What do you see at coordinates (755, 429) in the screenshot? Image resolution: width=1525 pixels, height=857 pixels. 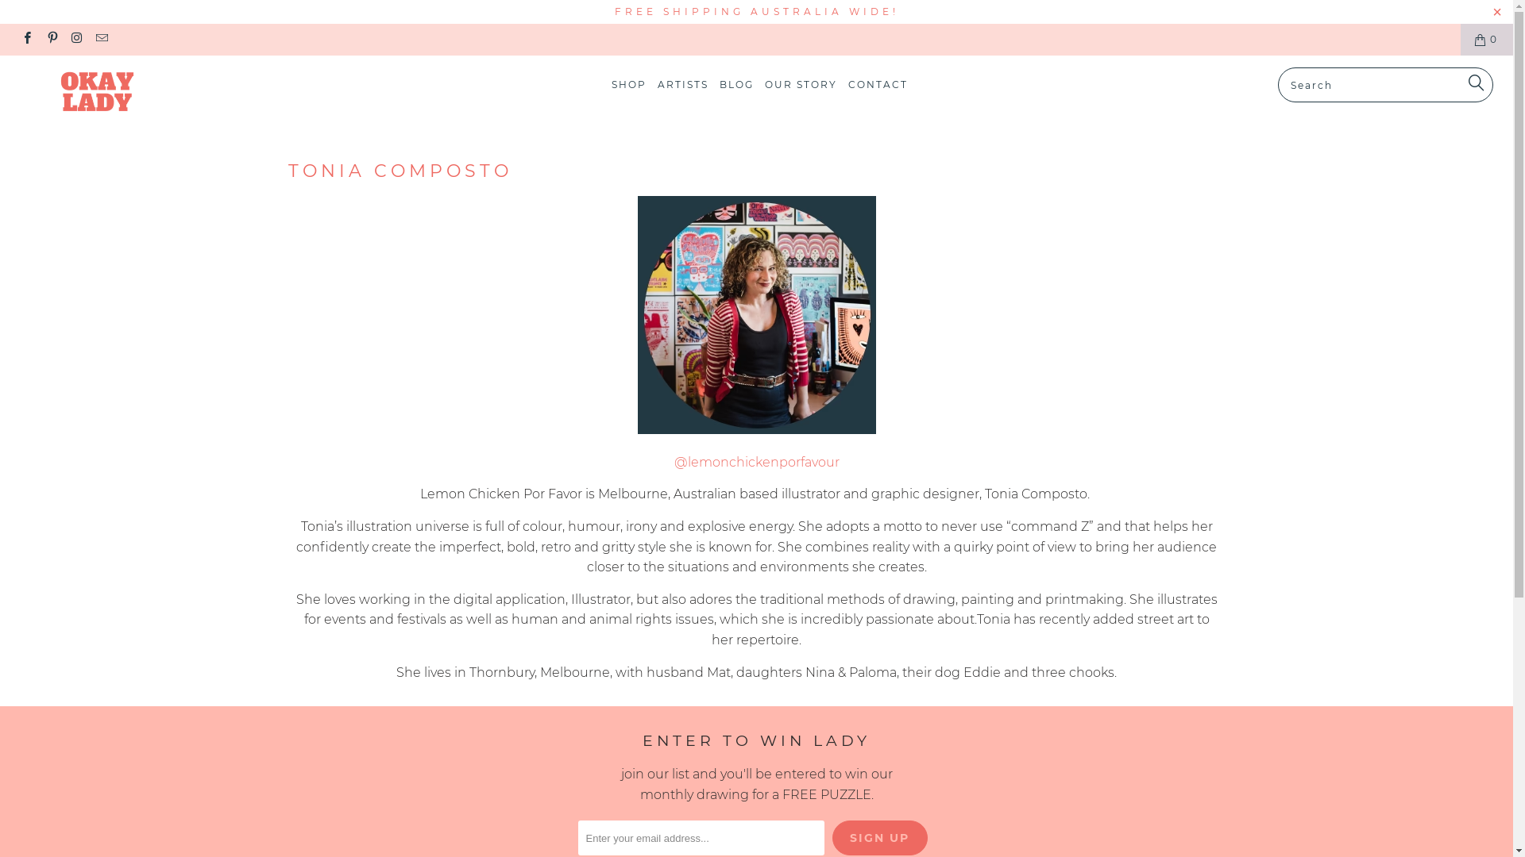 I see `'Tonia_Conposto_Instagram'` at bounding box center [755, 429].